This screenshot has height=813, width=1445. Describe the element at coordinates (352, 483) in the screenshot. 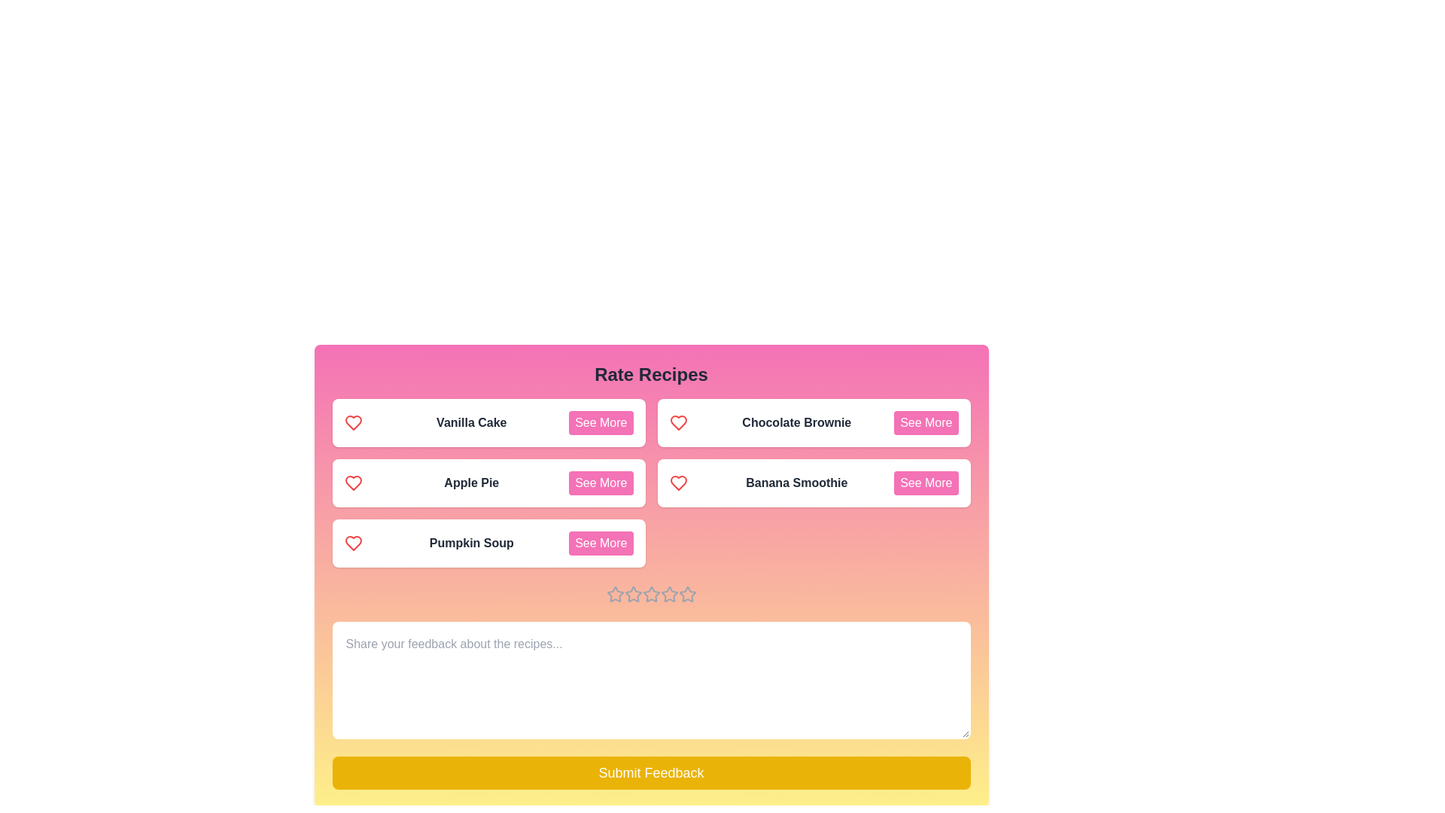

I see `the heart icon associated with Apple Pie` at that location.